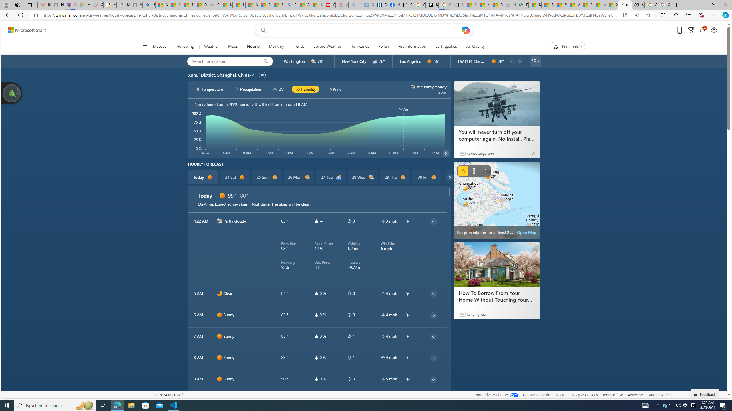 The image size is (732, 411). What do you see at coordinates (496, 394) in the screenshot?
I see `'Your Privacy Choices'` at bounding box center [496, 394].